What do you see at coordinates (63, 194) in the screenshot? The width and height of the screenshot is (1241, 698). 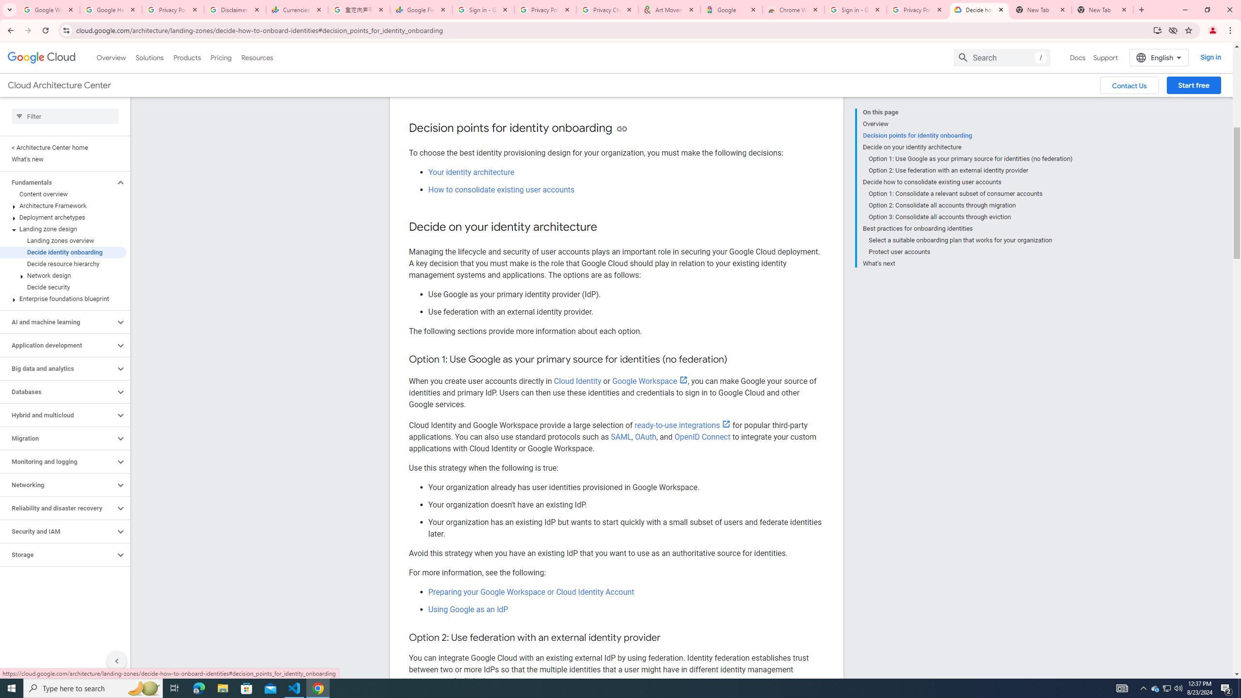 I see `'Content overview'` at bounding box center [63, 194].